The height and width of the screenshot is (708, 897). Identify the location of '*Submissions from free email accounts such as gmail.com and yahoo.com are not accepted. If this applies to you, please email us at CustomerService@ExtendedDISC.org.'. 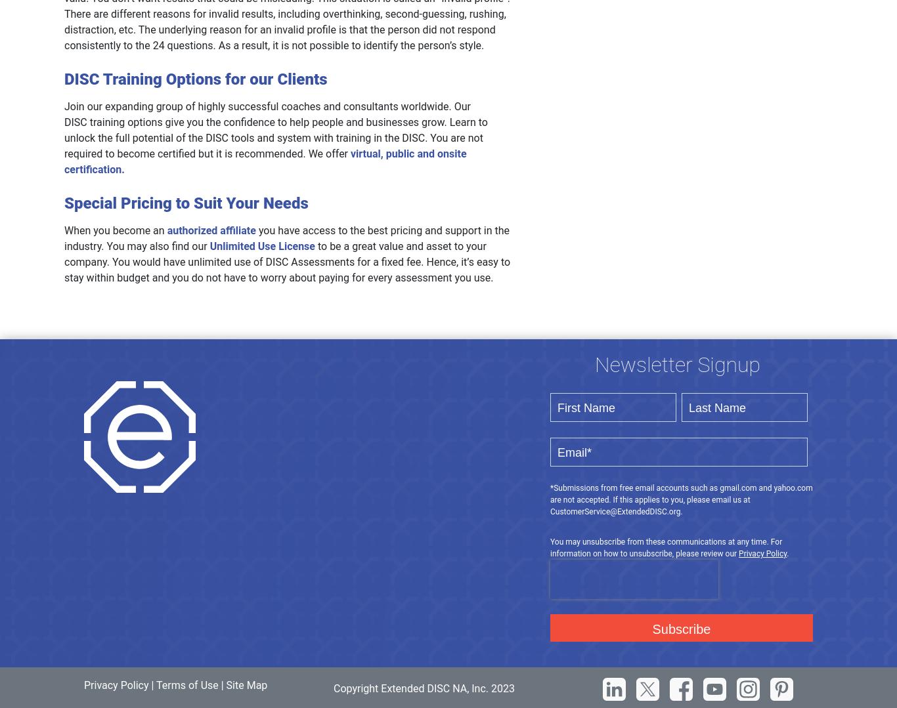
(680, 499).